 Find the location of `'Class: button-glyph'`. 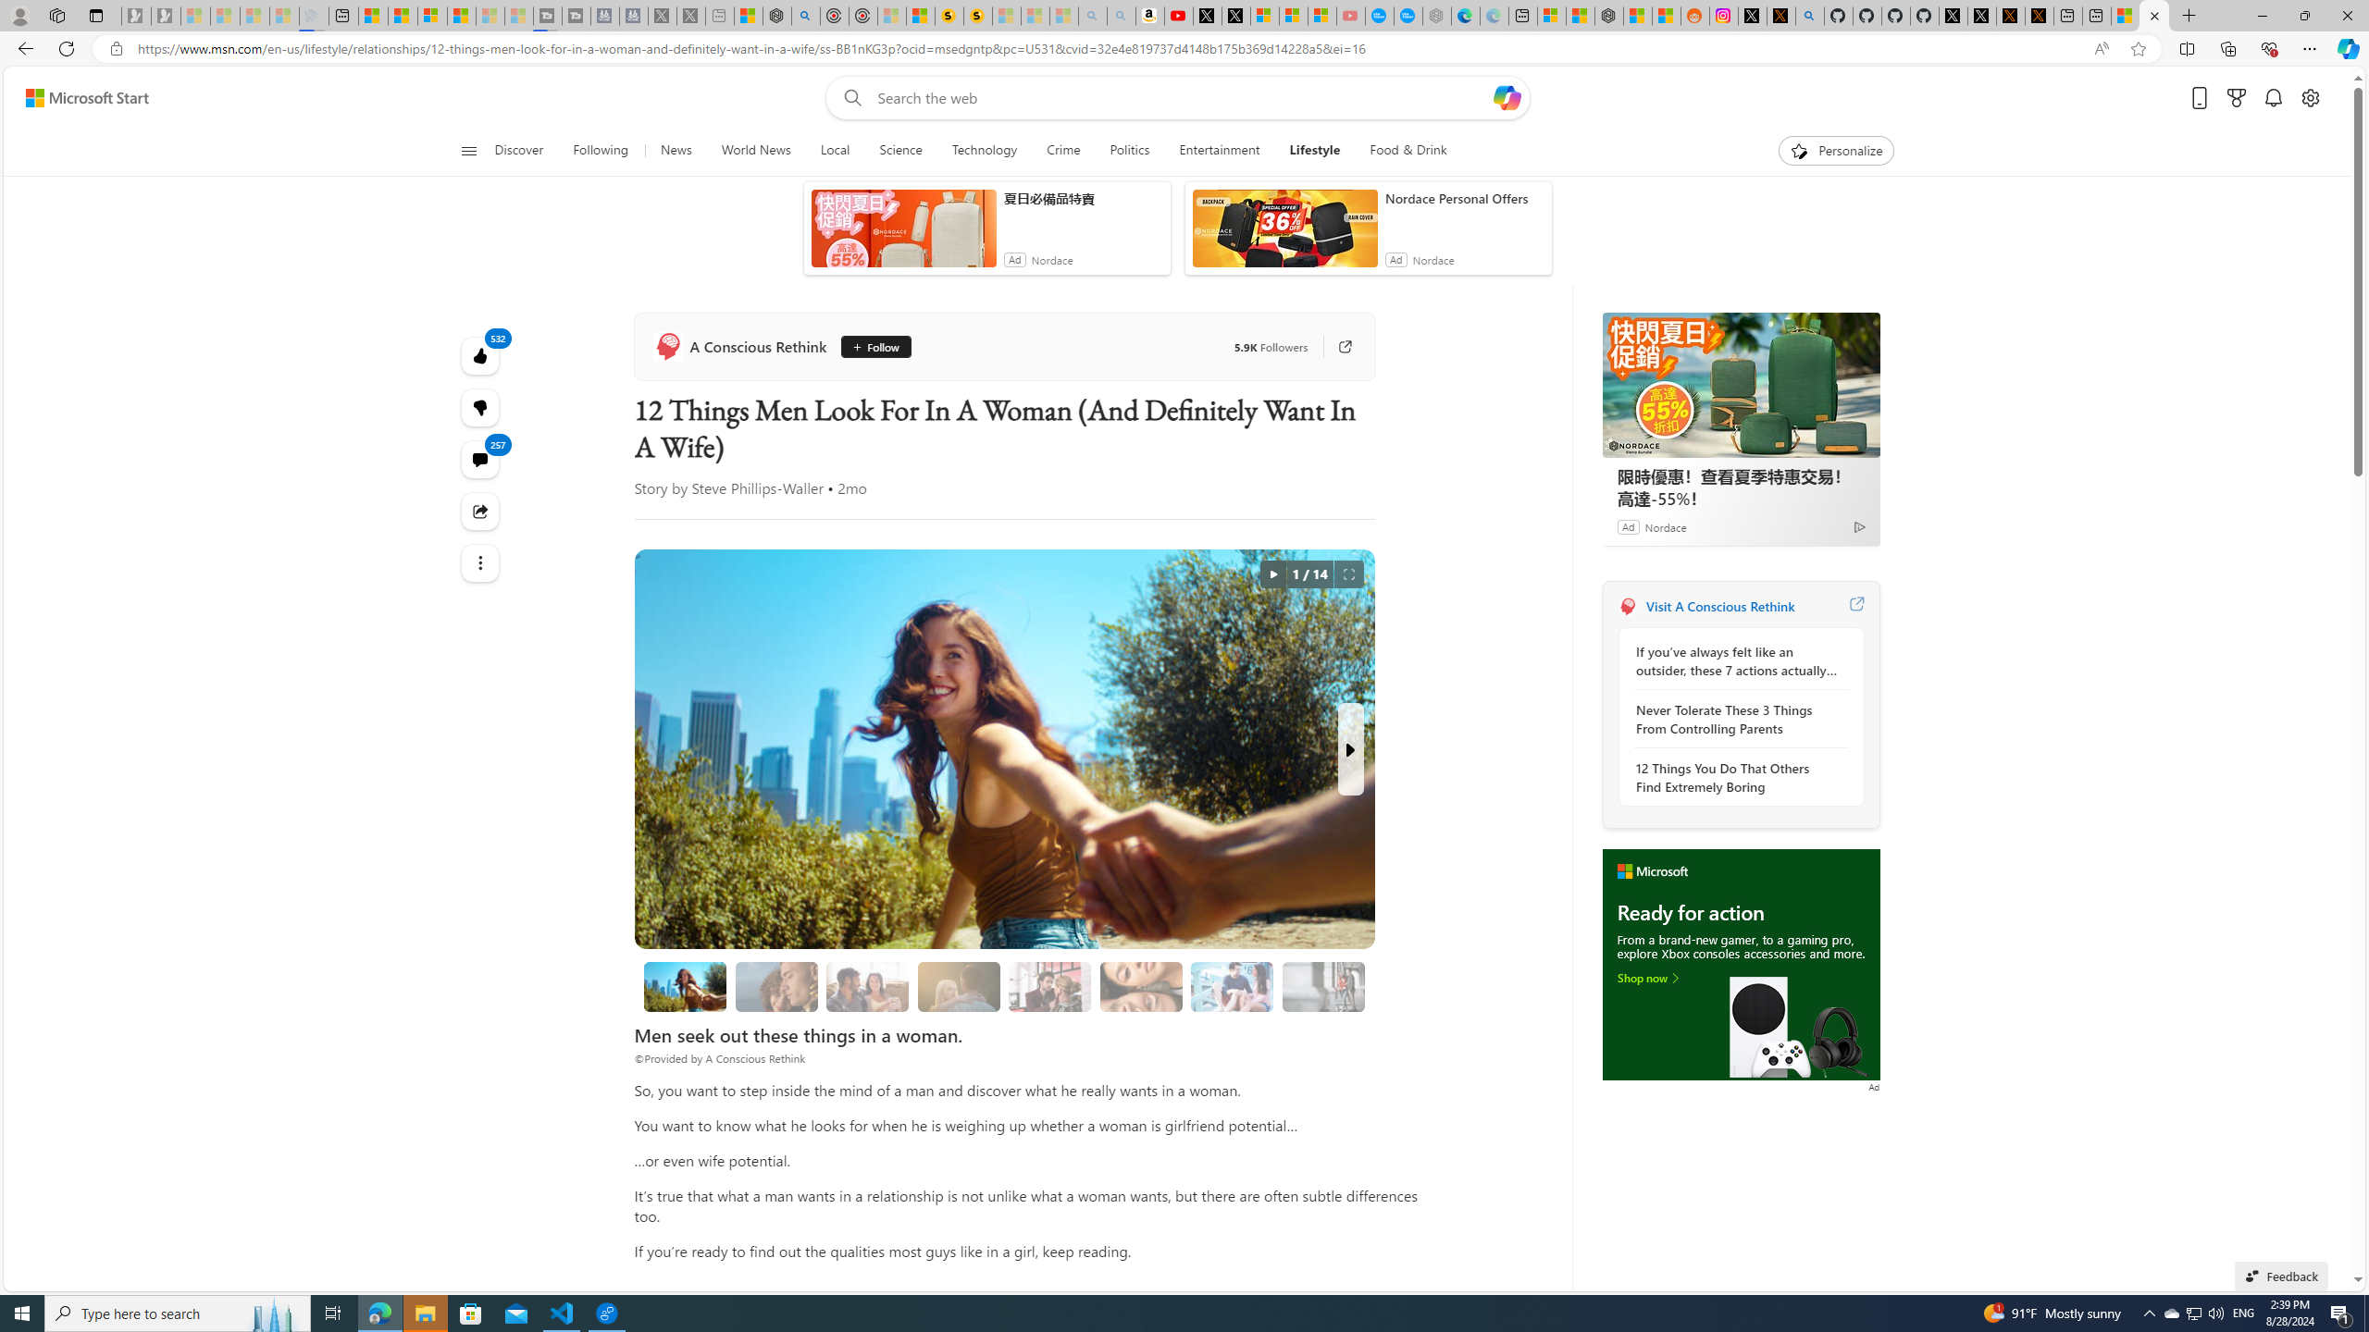

'Class: button-glyph' is located at coordinates (467, 150).